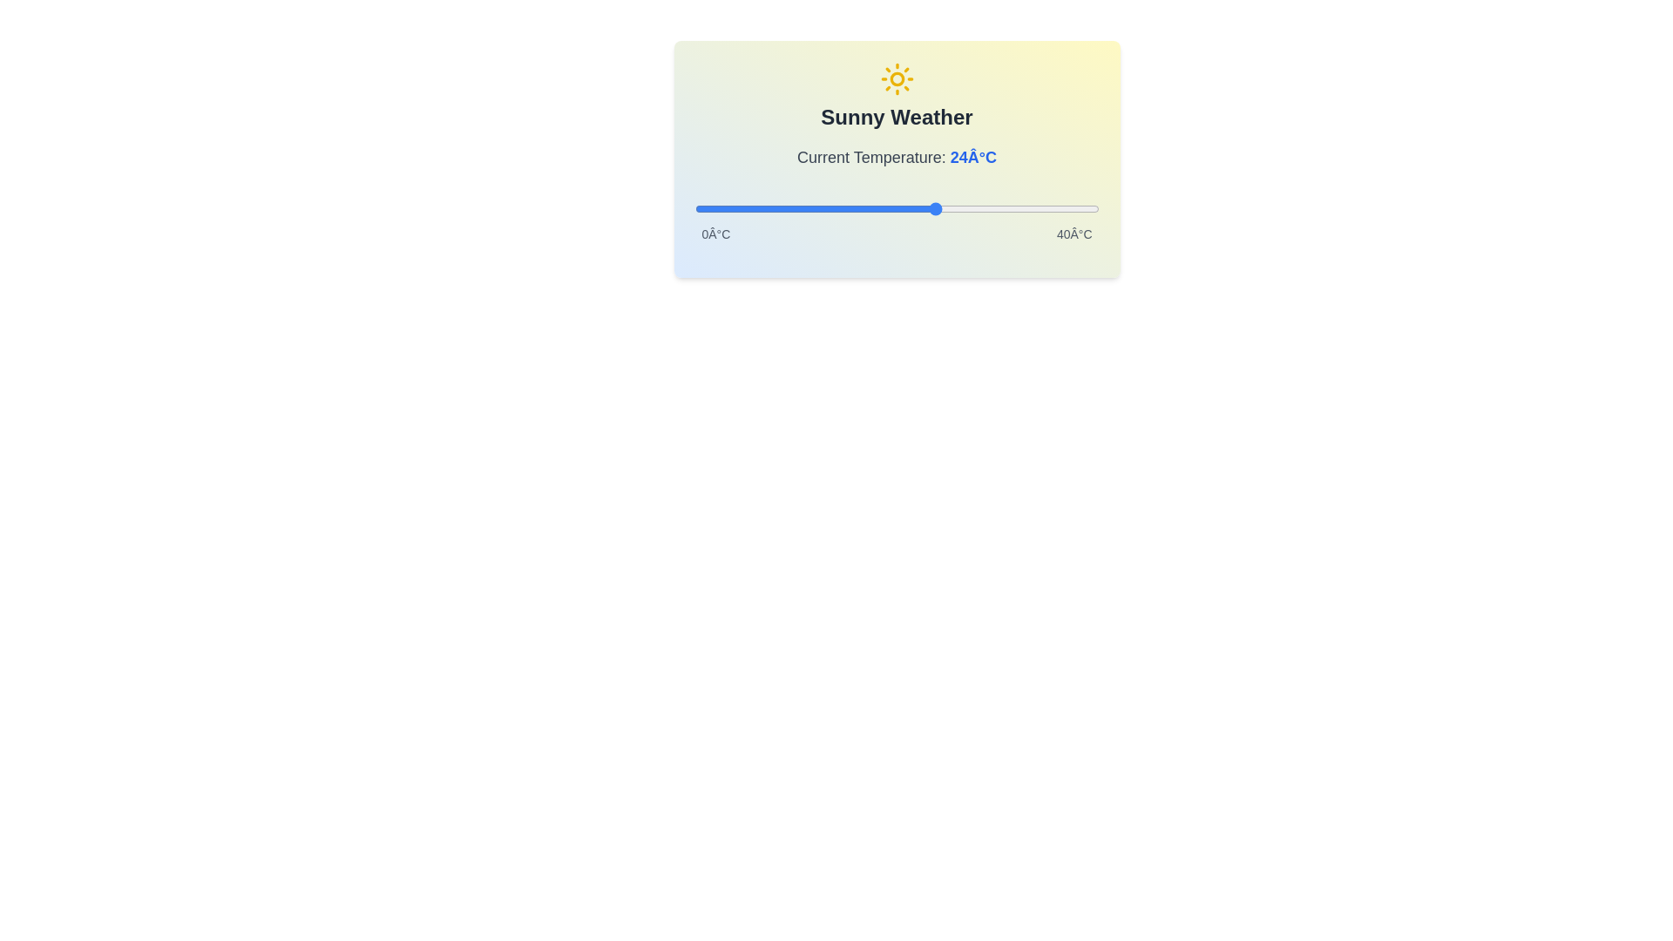 The height and width of the screenshot is (941, 1673). I want to click on the minimum temperature value label in the temperature selector component, located to the left of the horizontal slider, which displays '40Â°C', so click(715, 234).